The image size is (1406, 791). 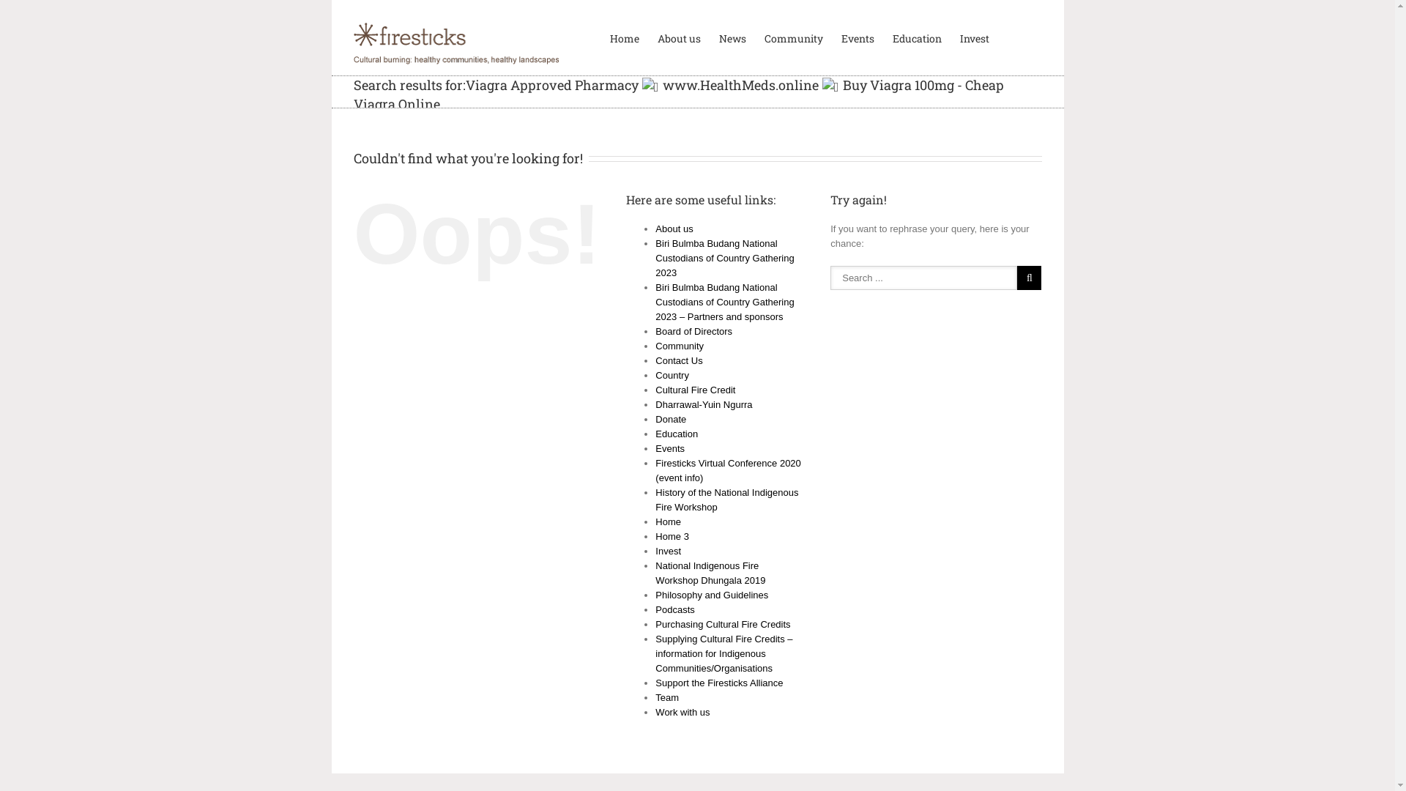 What do you see at coordinates (763, 37) in the screenshot?
I see `'Community'` at bounding box center [763, 37].